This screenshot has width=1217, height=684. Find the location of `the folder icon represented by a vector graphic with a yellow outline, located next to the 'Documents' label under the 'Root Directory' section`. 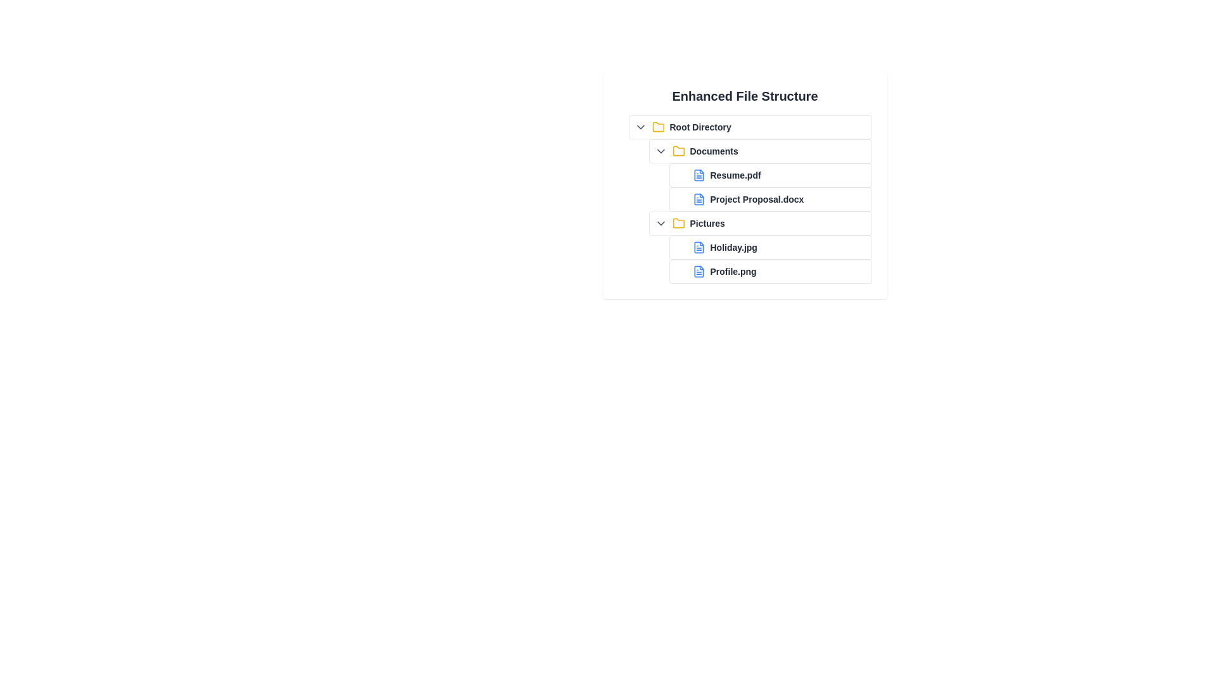

the folder icon represented by a vector graphic with a yellow outline, located next to the 'Documents' label under the 'Root Directory' section is located at coordinates (678, 150).